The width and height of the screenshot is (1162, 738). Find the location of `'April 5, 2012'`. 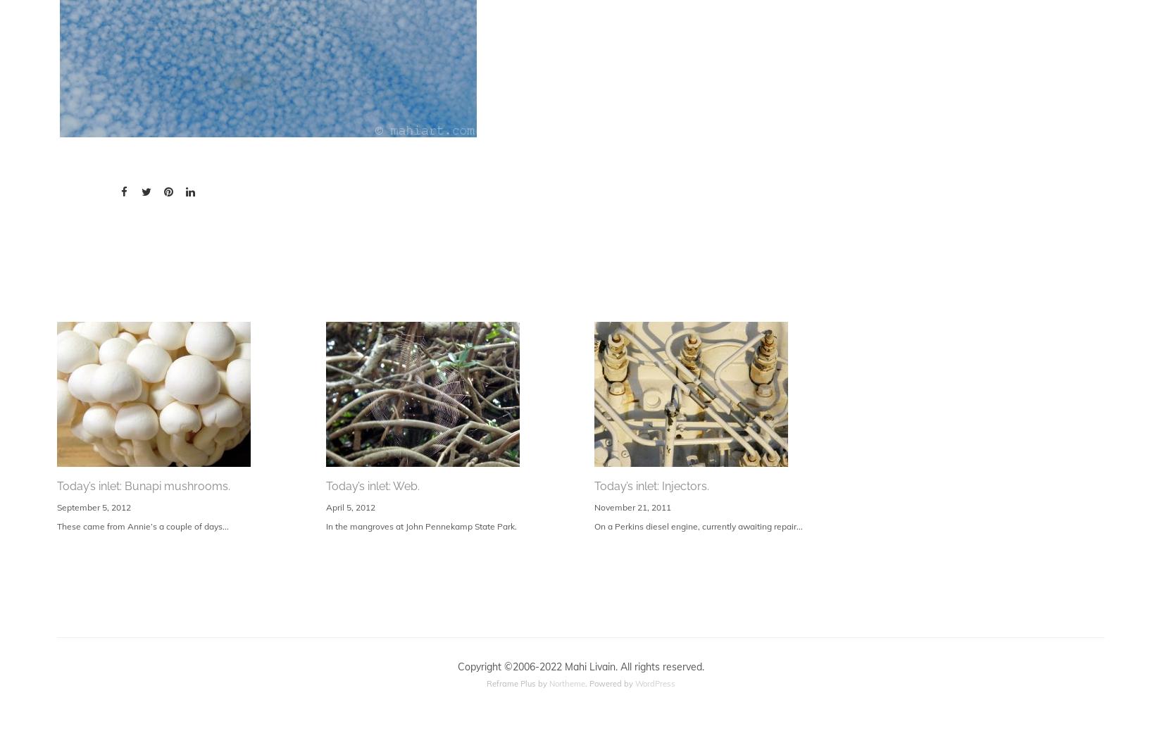

'April 5, 2012' is located at coordinates (349, 506).